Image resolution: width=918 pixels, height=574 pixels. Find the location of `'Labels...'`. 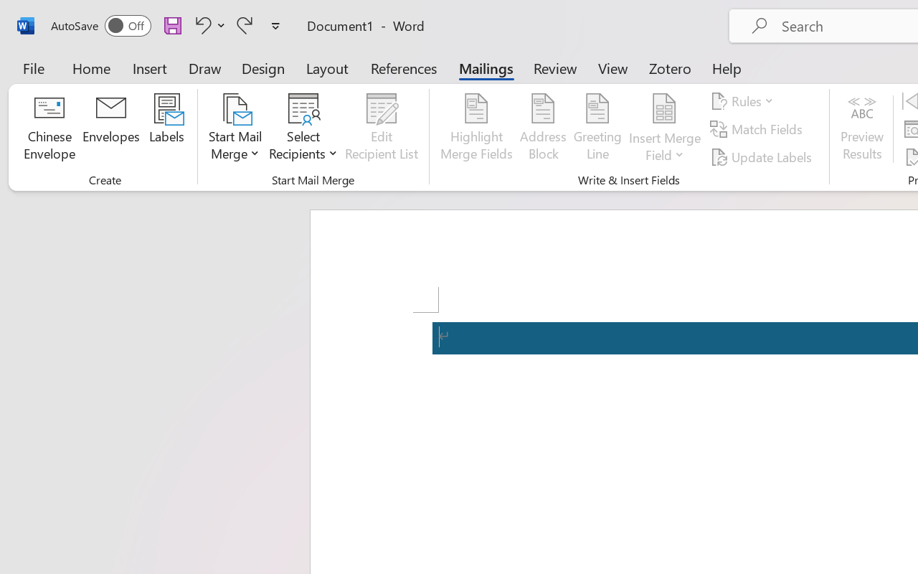

'Labels...' is located at coordinates (166, 128).